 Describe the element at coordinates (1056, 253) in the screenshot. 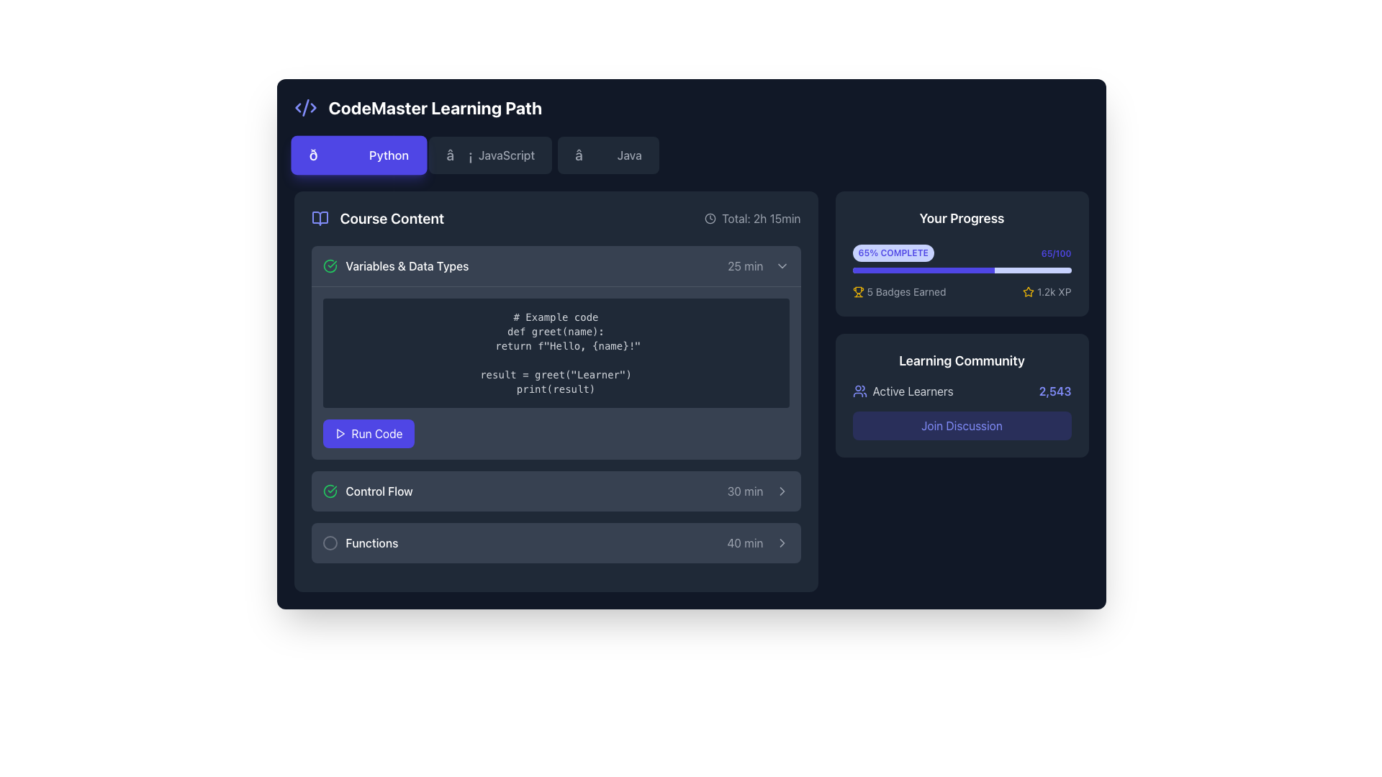

I see `the text label displaying '65/100' in bold indigo color, located on the right side of the 'Your Progress' card` at that location.